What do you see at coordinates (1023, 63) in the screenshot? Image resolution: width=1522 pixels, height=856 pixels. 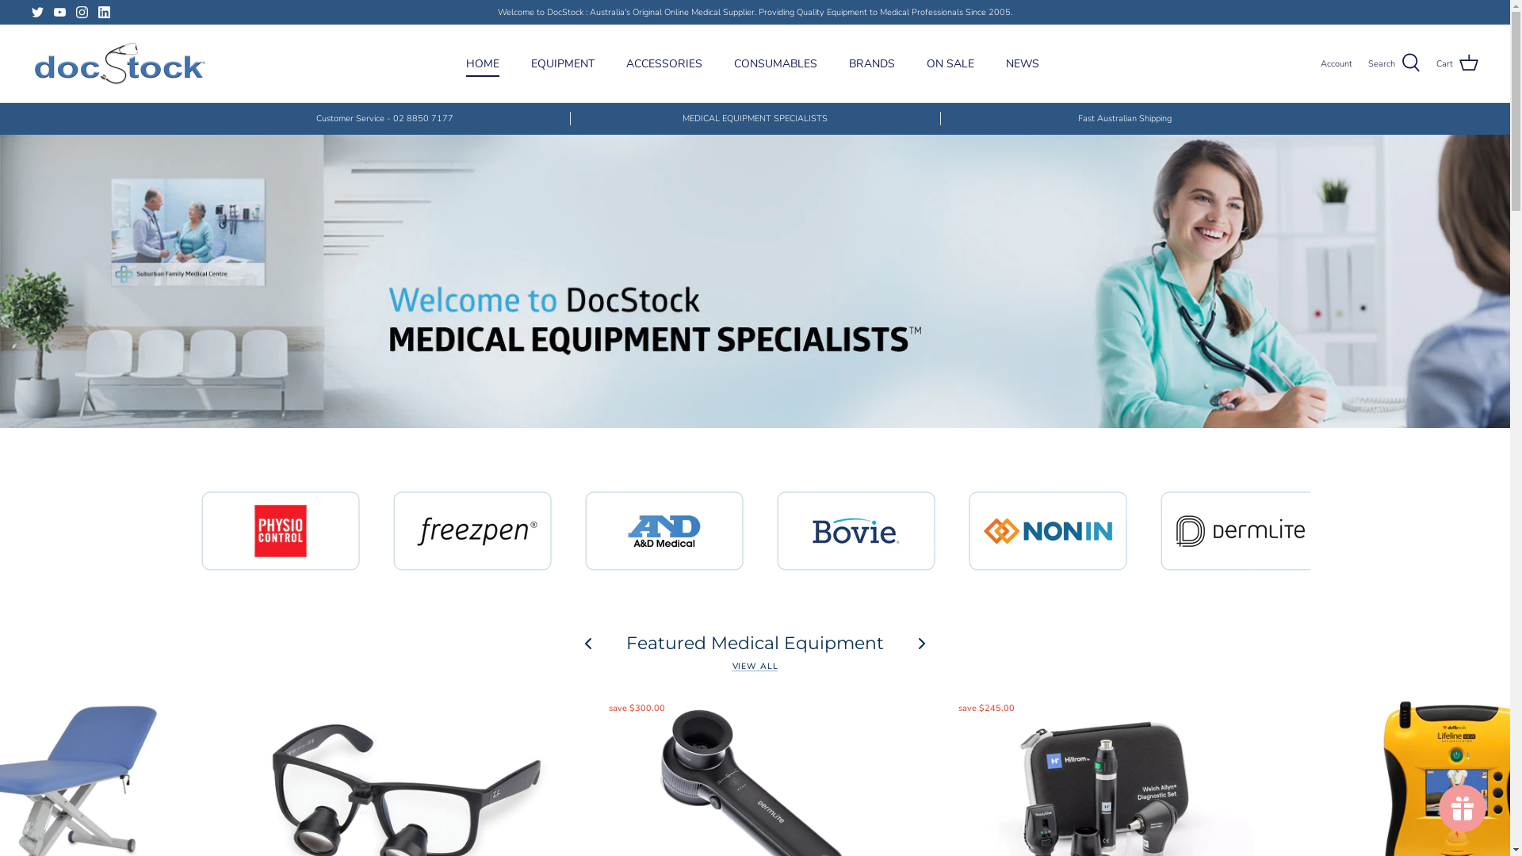 I see `'NEWS'` at bounding box center [1023, 63].